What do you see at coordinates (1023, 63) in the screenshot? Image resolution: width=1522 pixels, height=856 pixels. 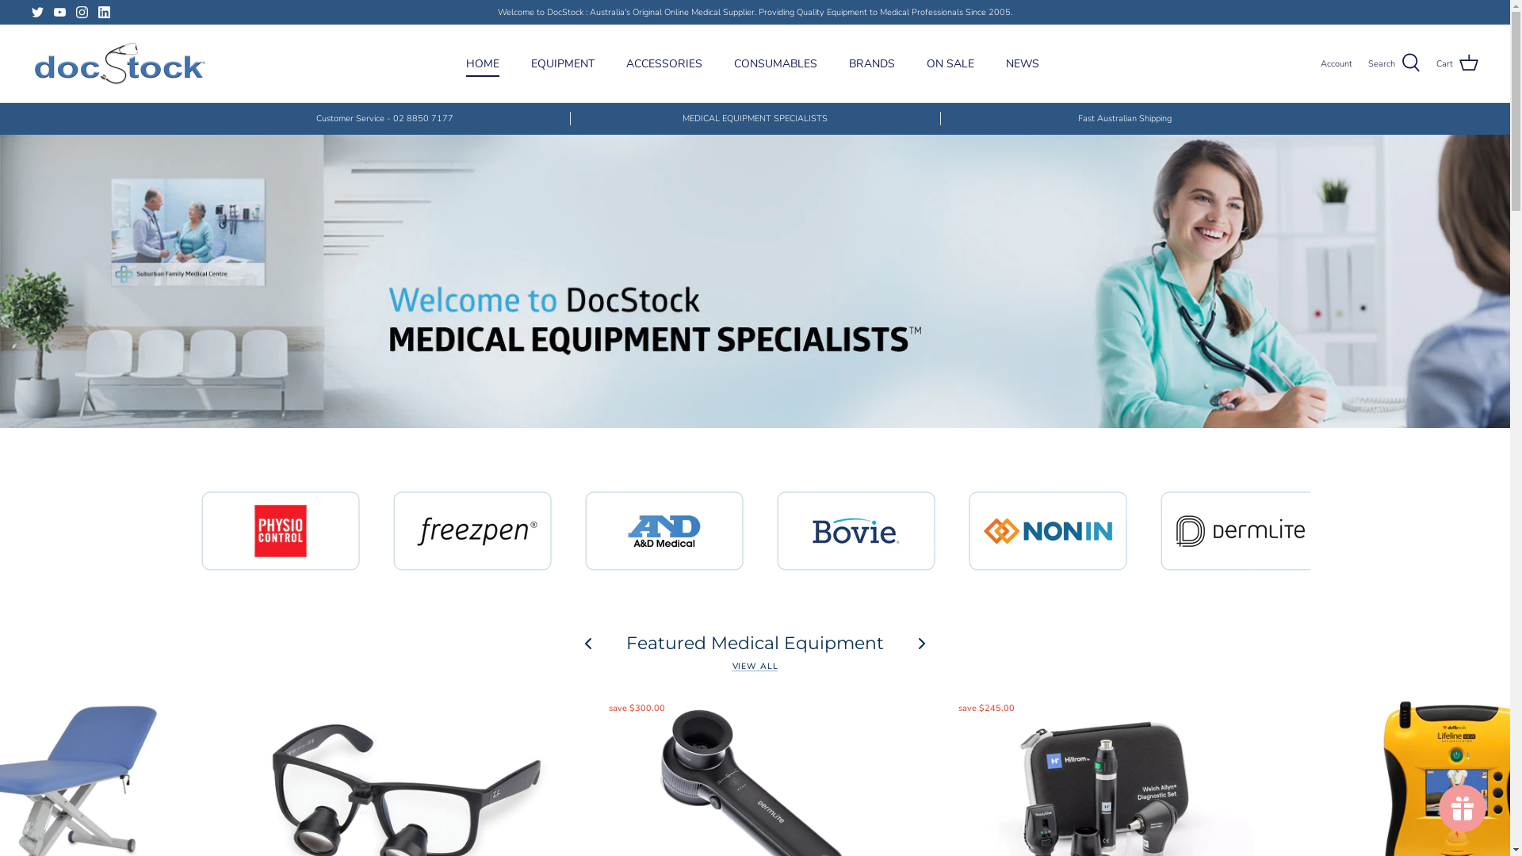 I see `'NEWS'` at bounding box center [1023, 63].